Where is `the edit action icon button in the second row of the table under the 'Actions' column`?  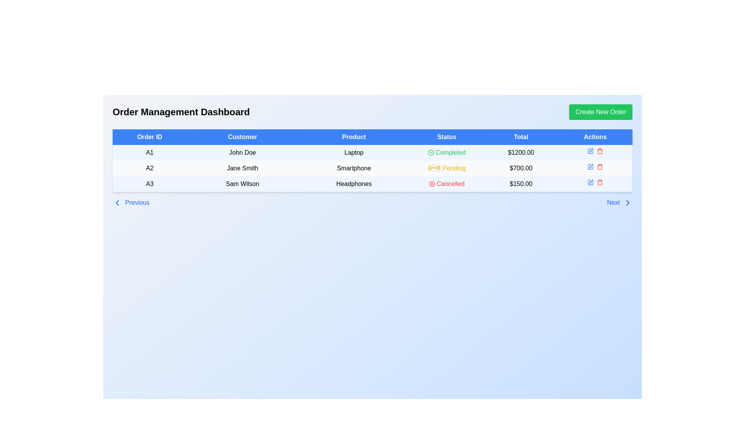
the edit action icon button in the second row of the table under the 'Actions' column is located at coordinates (591, 166).